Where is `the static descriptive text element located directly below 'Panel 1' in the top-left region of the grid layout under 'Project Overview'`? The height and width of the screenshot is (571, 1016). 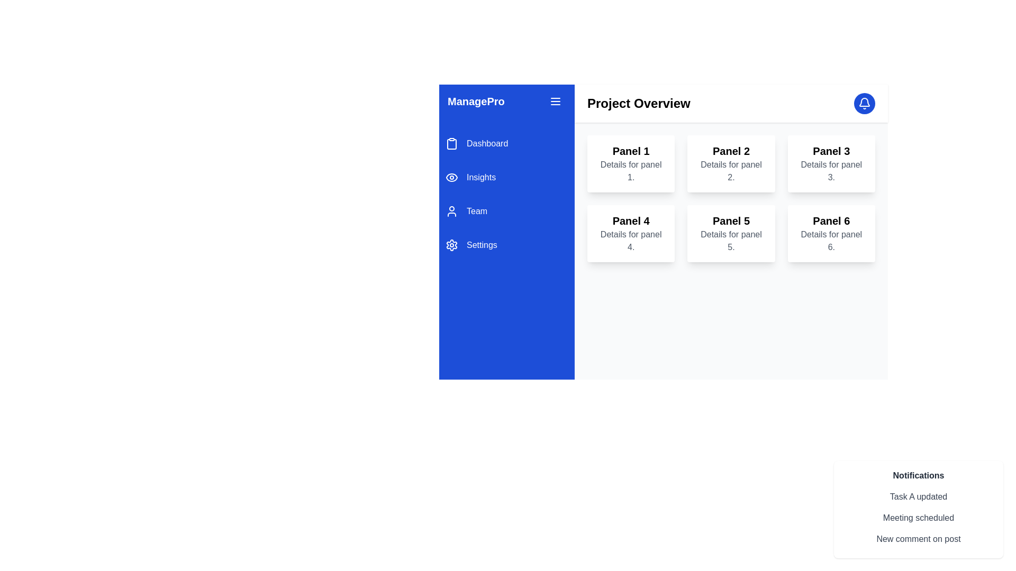 the static descriptive text element located directly below 'Panel 1' in the top-left region of the grid layout under 'Project Overview' is located at coordinates (631, 171).